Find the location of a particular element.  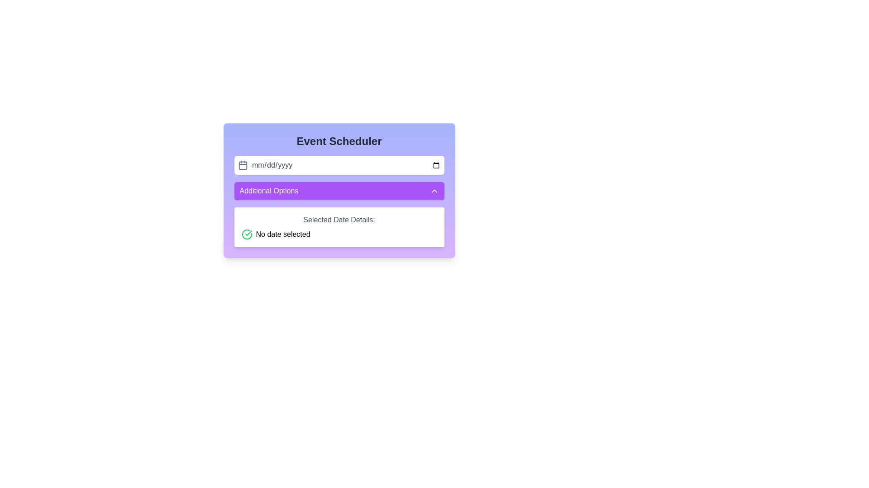

the text label reading 'Additional Options', styled in white text on a purple background, located in the Event Scheduler interface is located at coordinates (268, 191).